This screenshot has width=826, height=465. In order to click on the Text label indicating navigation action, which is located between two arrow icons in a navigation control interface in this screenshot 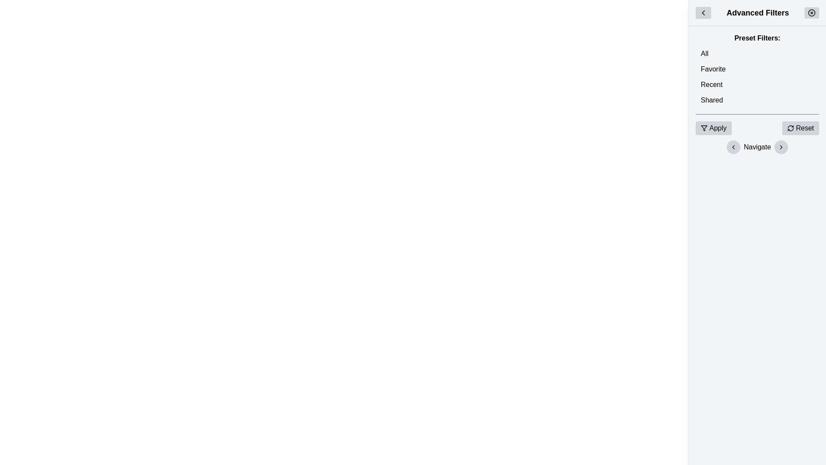, I will do `click(757, 147)`.